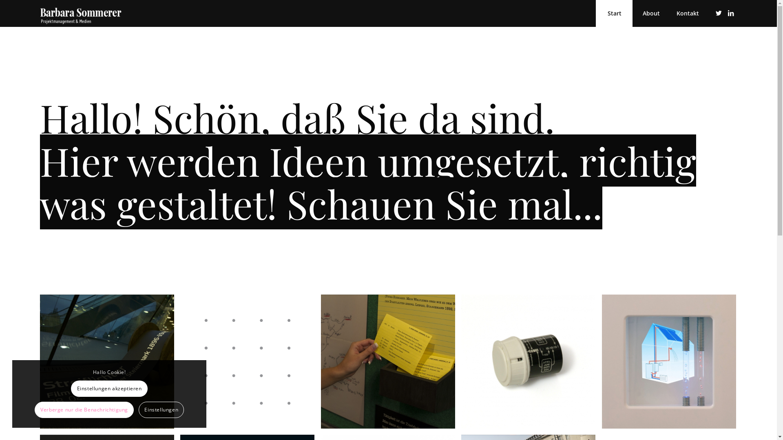 This screenshot has height=440, width=783. I want to click on 'Ausstellung Kinogeschichte', so click(110, 364).